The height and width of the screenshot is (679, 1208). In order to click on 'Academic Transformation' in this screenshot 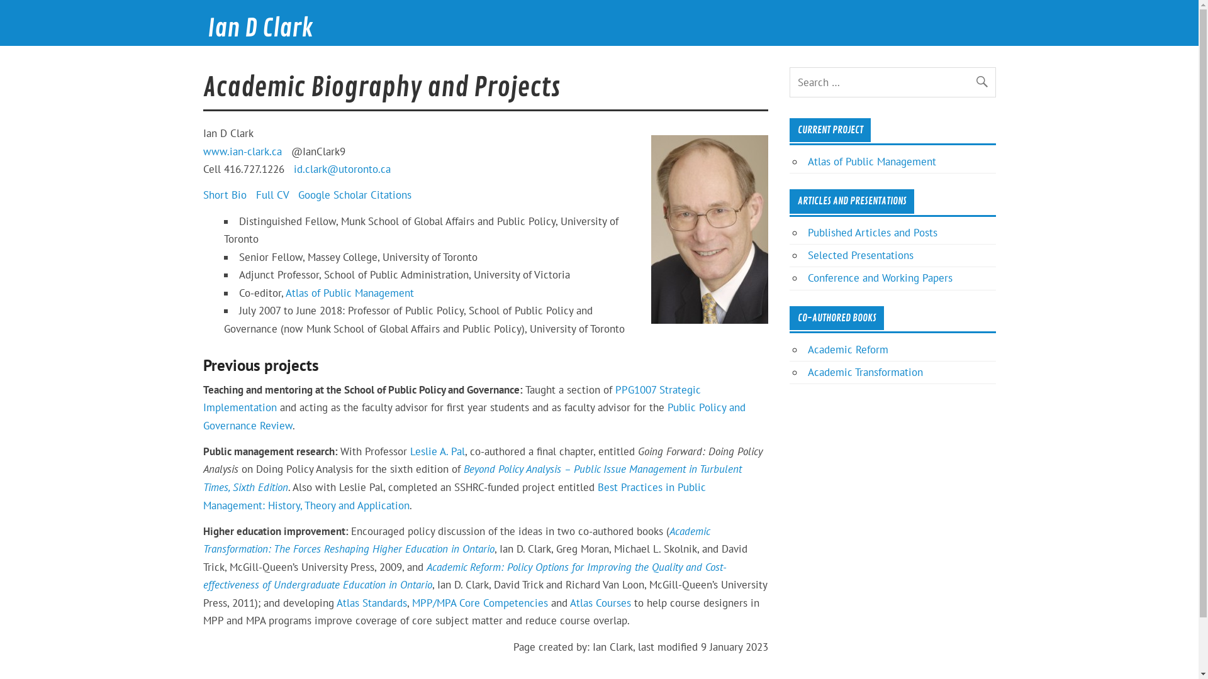, I will do `click(864, 371)`.